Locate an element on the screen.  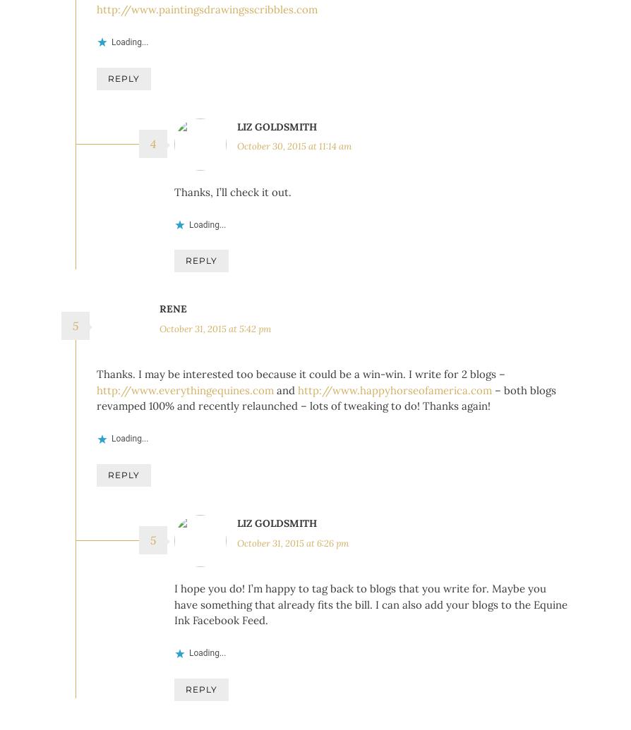
'http://www.happyhorseofamerica.com' is located at coordinates (395, 410).